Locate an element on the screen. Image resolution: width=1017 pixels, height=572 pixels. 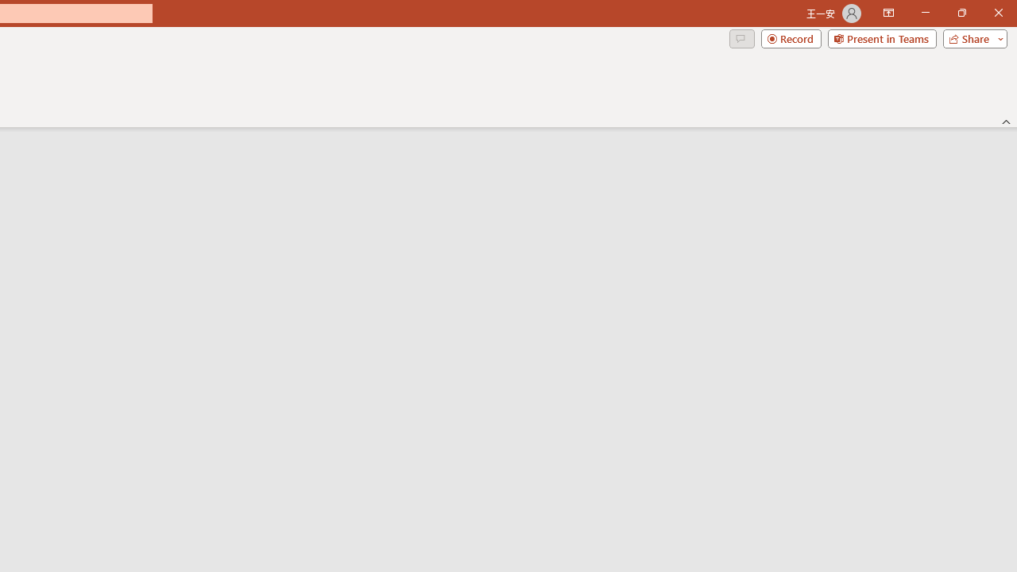
'Restore Down' is located at coordinates (961, 13).